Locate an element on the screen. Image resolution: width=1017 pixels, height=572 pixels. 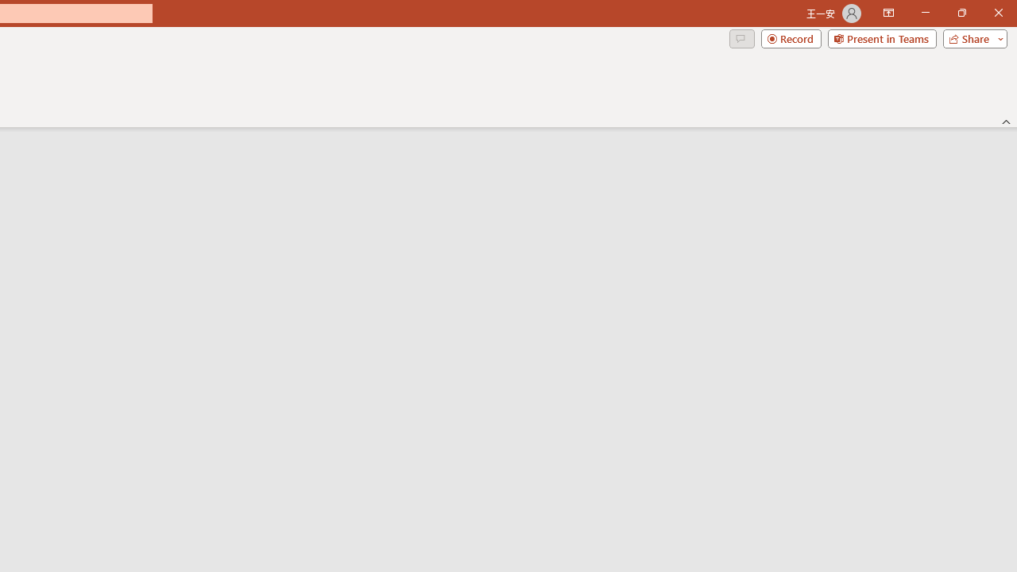
'Restore Down' is located at coordinates (961, 13).